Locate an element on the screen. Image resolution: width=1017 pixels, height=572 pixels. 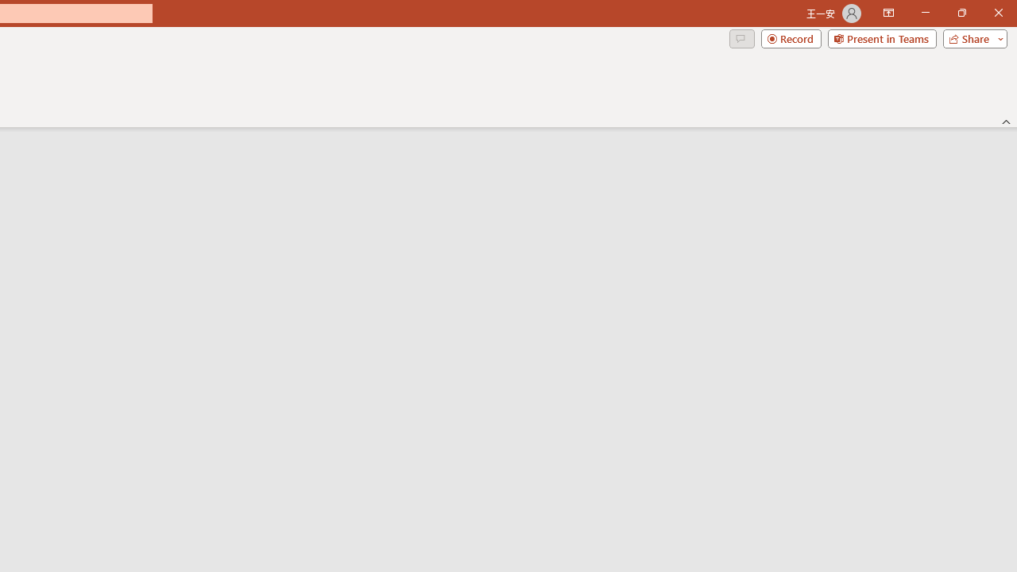
'Restore Down' is located at coordinates (961, 13).